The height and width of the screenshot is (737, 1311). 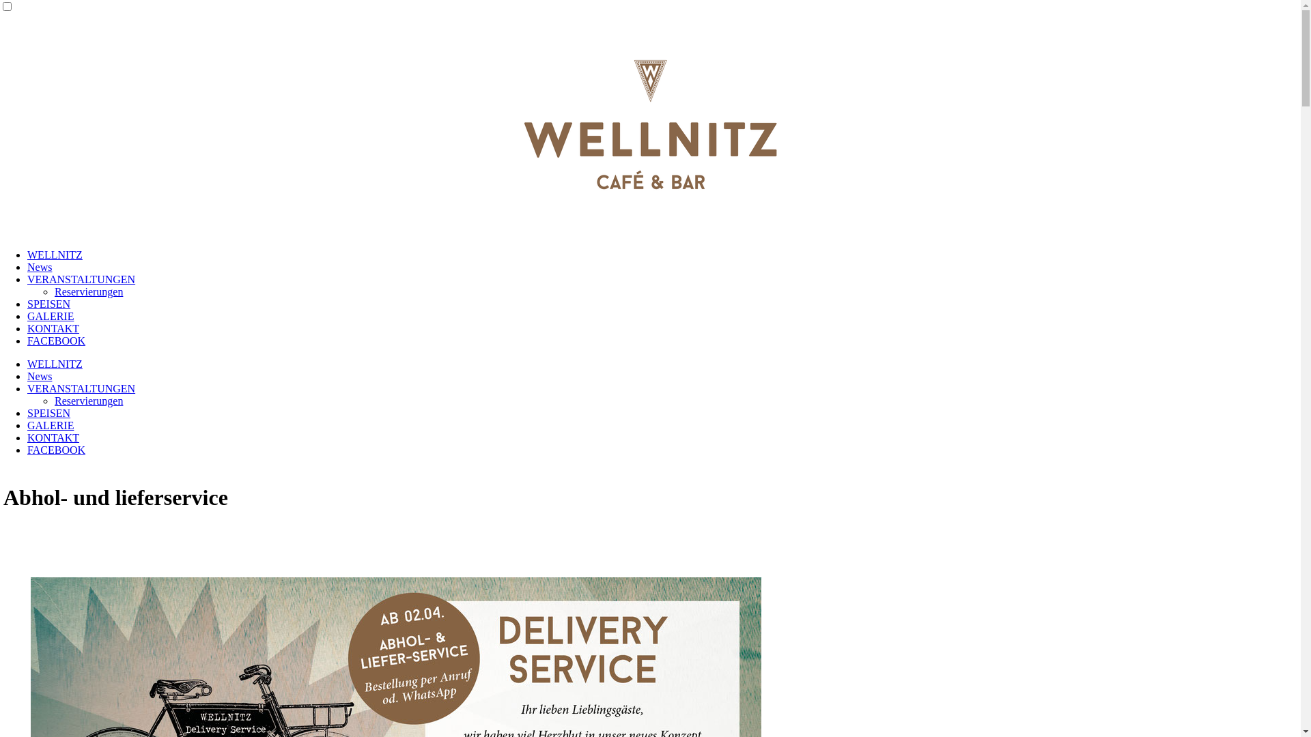 What do you see at coordinates (48, 412) in the screenshot?
I see `'SPEISEN'` at bounding box center [48, 412].